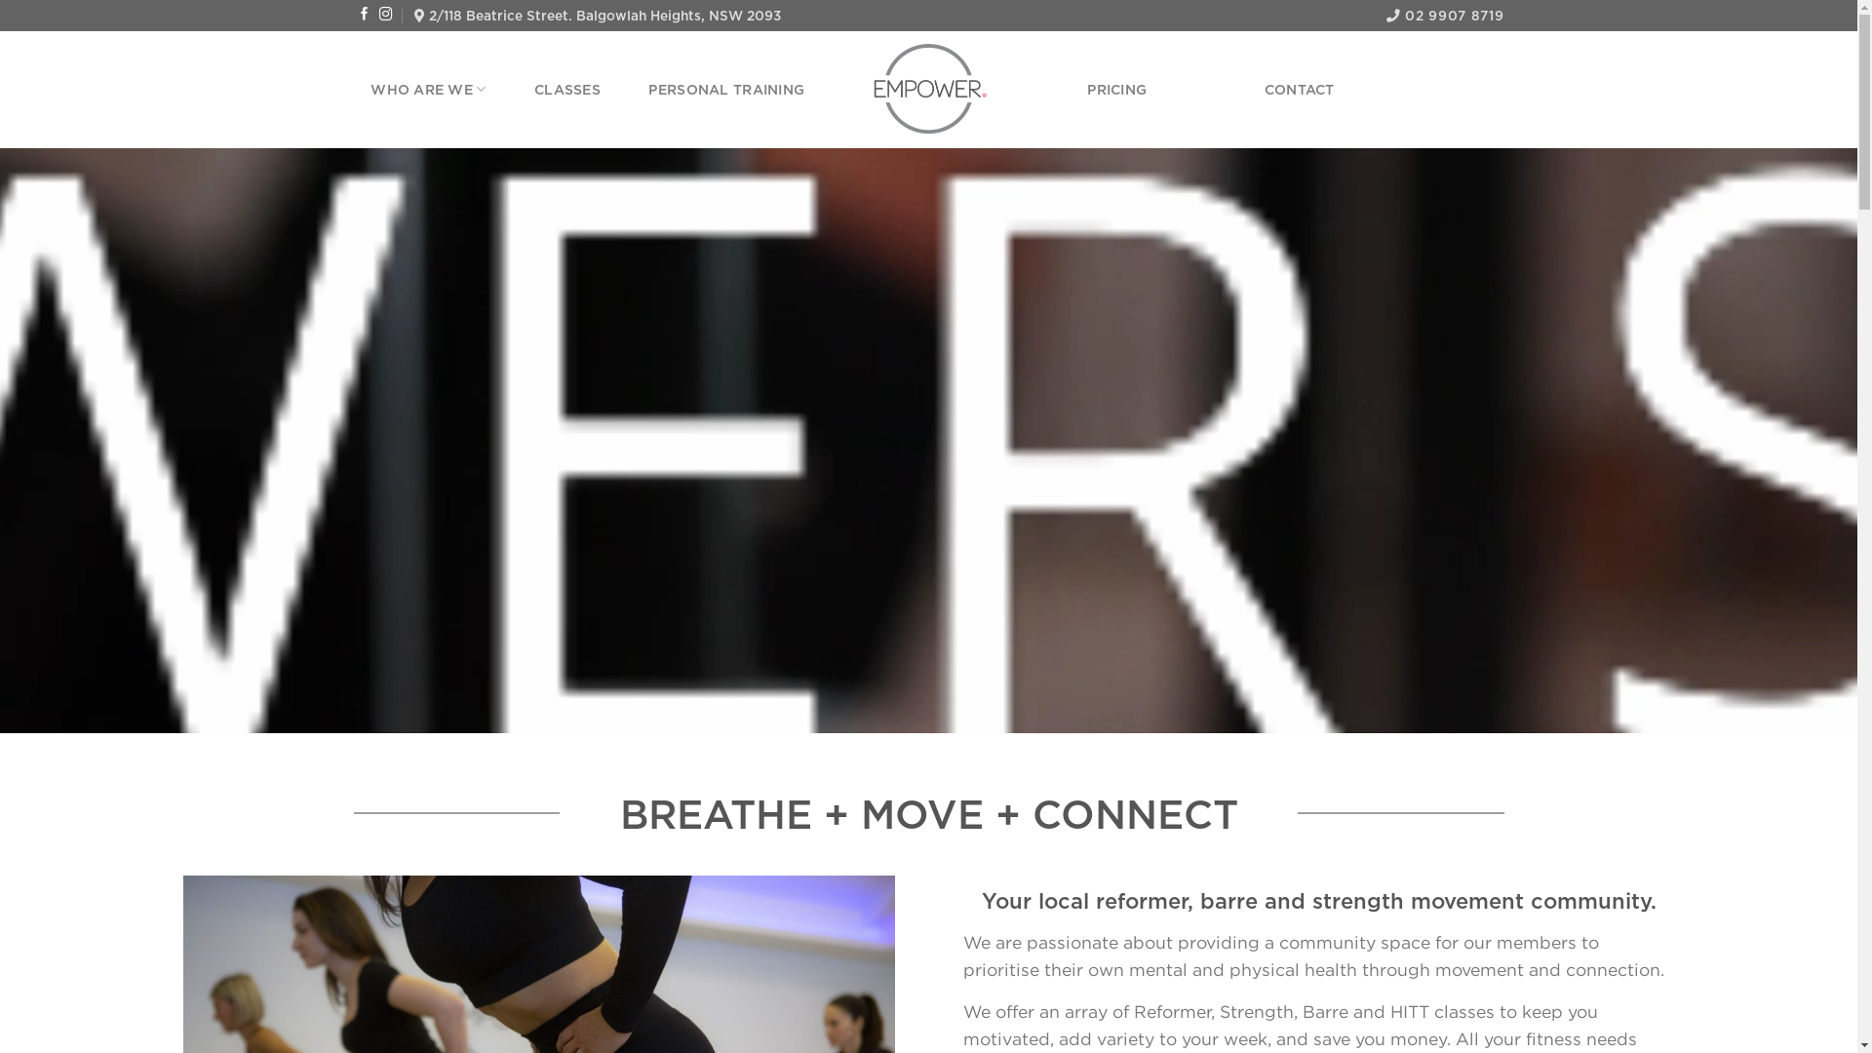 The height and width of the screenshot is (1053, 1872). Describe the element at coordinates (426, 89) in the screenshot. I see `'WHO ARE WE'` at that location.